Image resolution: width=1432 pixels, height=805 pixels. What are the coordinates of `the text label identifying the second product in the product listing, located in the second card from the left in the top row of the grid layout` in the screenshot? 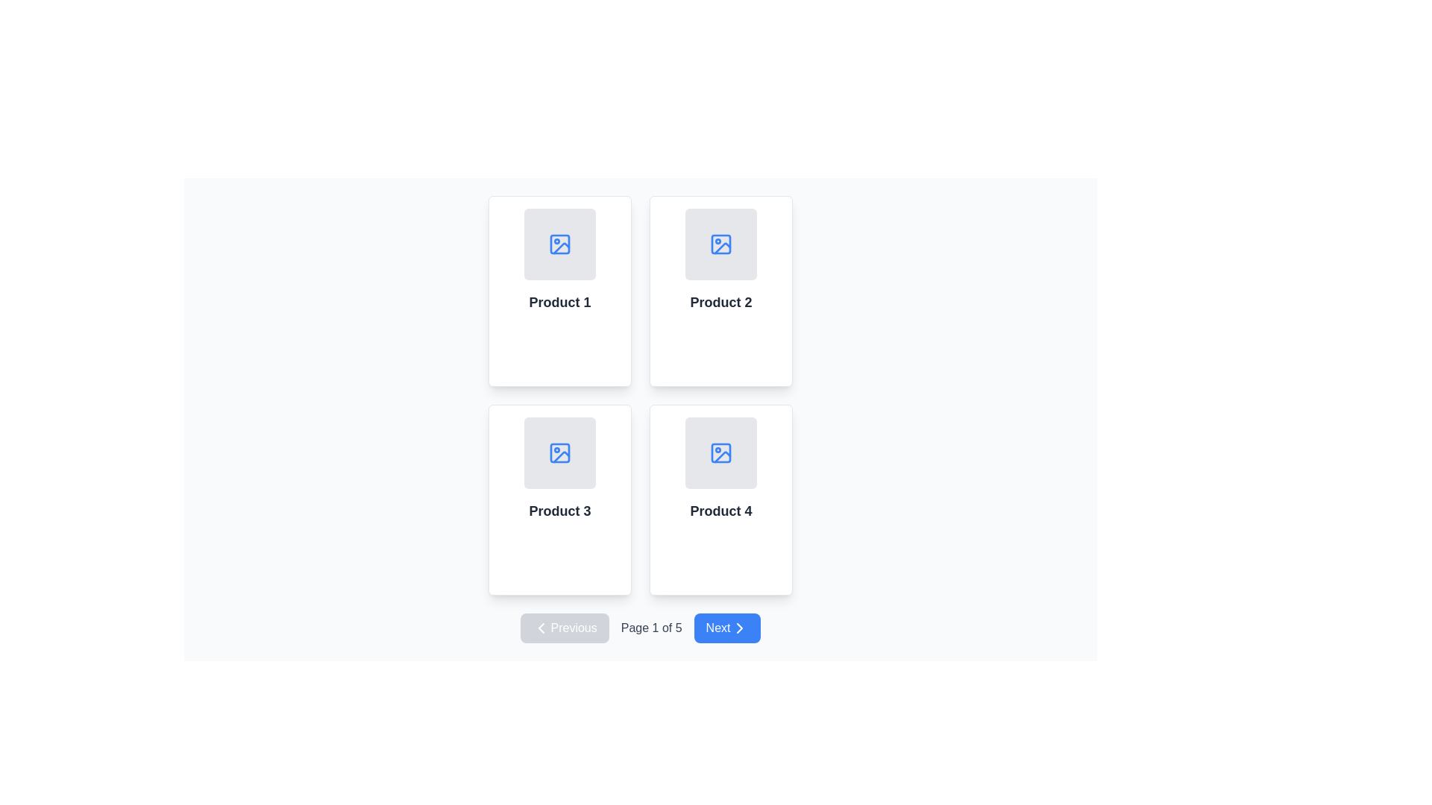 It's located at (720, 302).